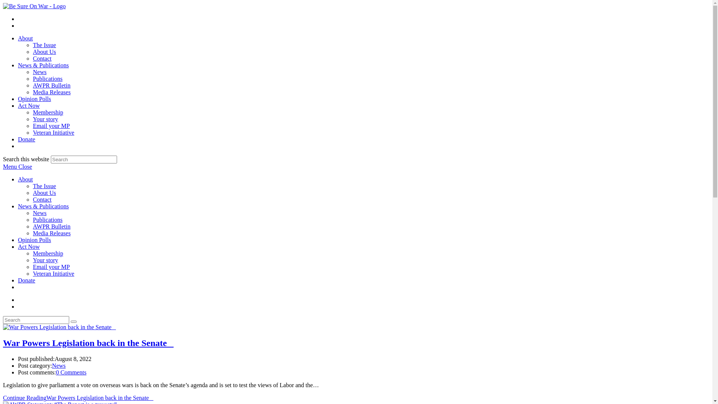  I want to click on 'About', so click(25, 38).